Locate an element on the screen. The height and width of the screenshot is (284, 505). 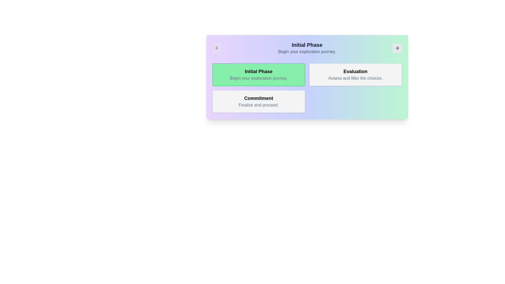
static text label located within the 'Commitment' card, positioned beneath the title text and centered horizontally is located at coordinates (259, 105).